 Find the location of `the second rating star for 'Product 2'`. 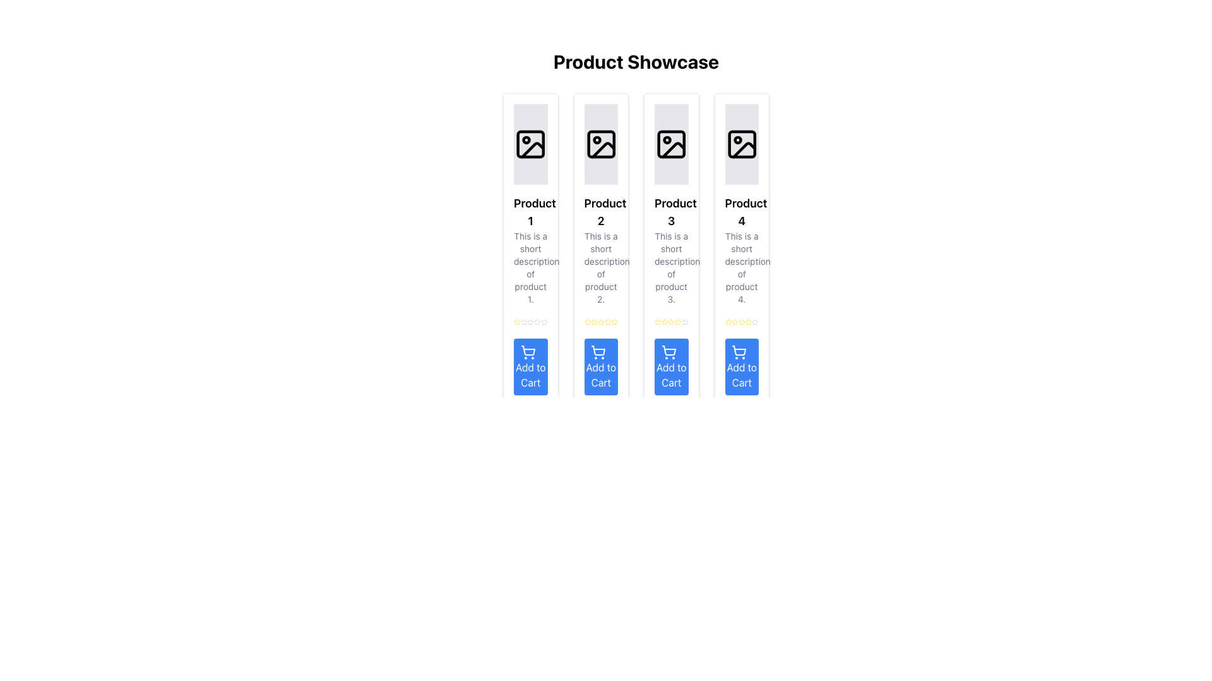

the second rating star for 'Product 2' is located at coordinates (593, 321).